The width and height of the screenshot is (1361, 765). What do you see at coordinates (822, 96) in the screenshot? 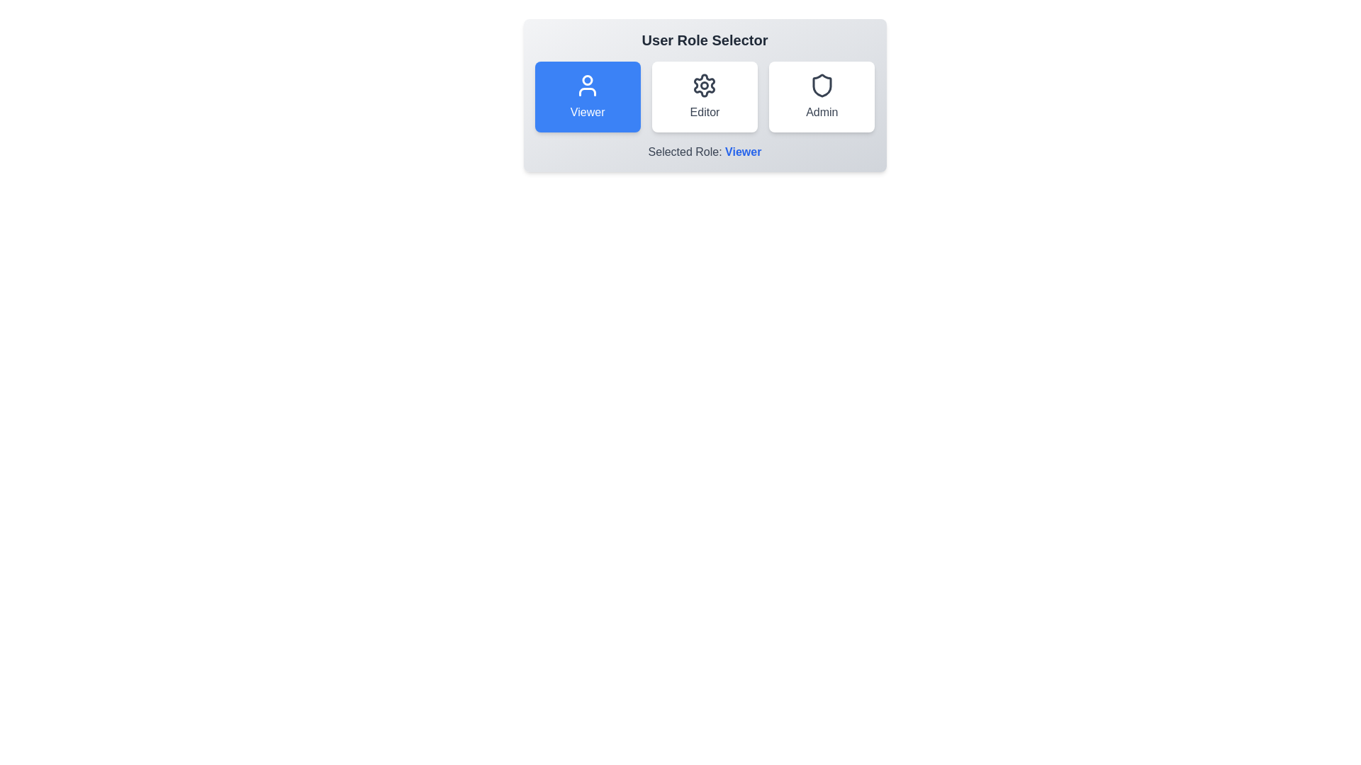
I see `the button labeled Admin to observe its hover effect` at bounding box center [822, 96].